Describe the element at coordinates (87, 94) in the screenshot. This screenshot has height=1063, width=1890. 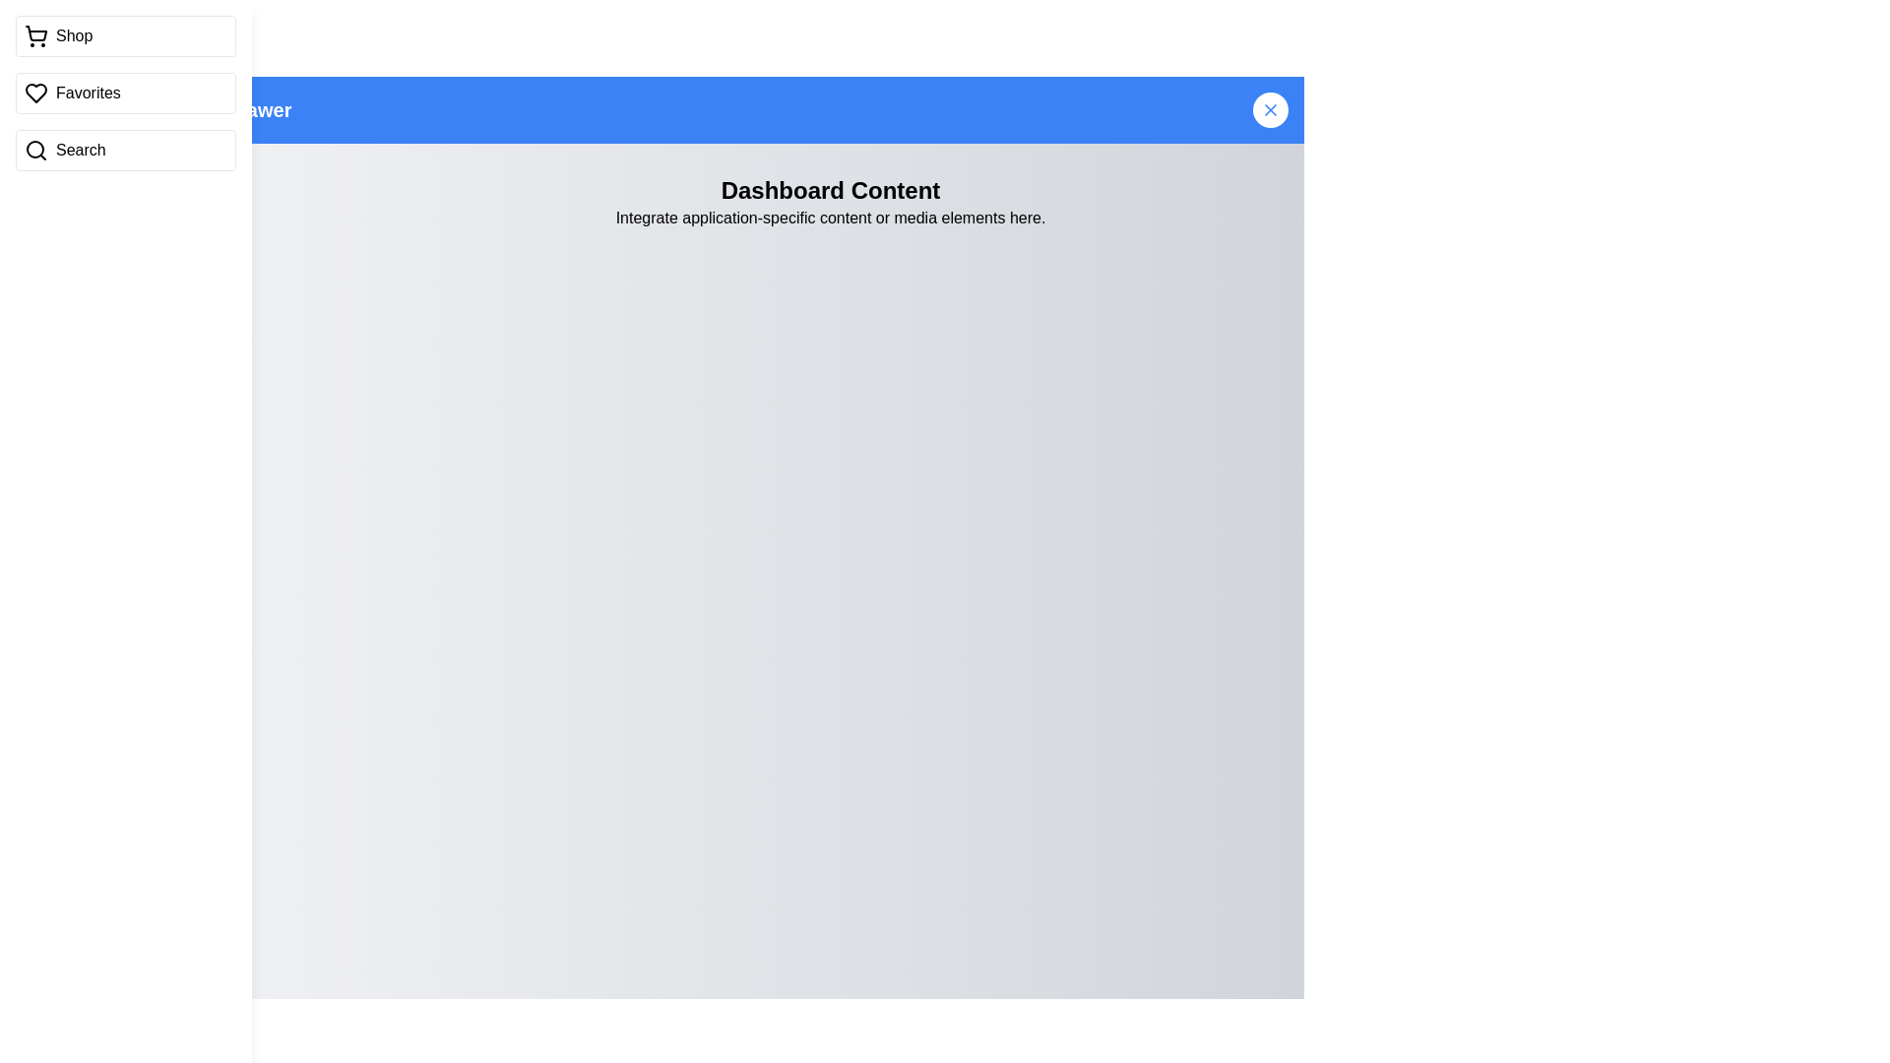
I see `the 'Favorites' text label, which is styled in black and positioned to the right of a heart-shaped icon in the left sidebar menu` at that location.